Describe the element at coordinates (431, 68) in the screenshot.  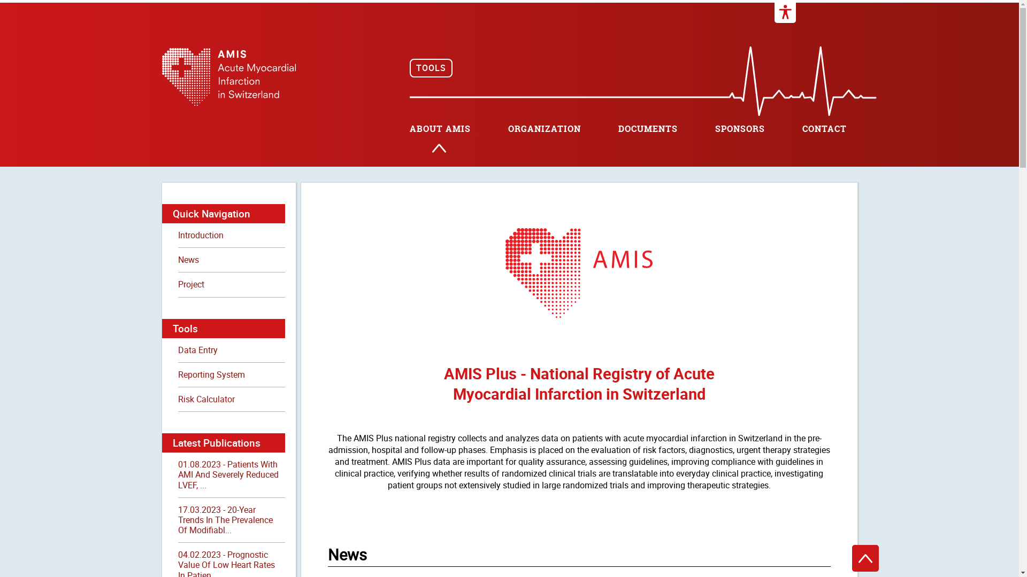
I see `'TOOLS'` at that location.